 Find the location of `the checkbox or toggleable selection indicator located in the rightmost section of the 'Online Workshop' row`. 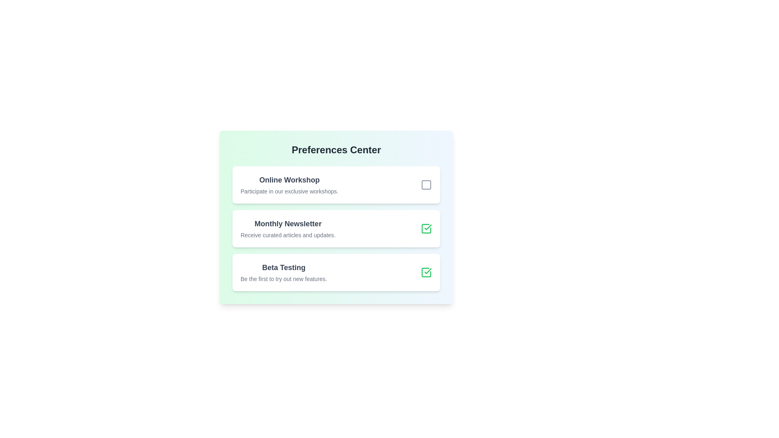

the checkbox or toggleable selection indicator located in the rightmost section of the 'Online Workshop' row is located at coordinates (426, 185).